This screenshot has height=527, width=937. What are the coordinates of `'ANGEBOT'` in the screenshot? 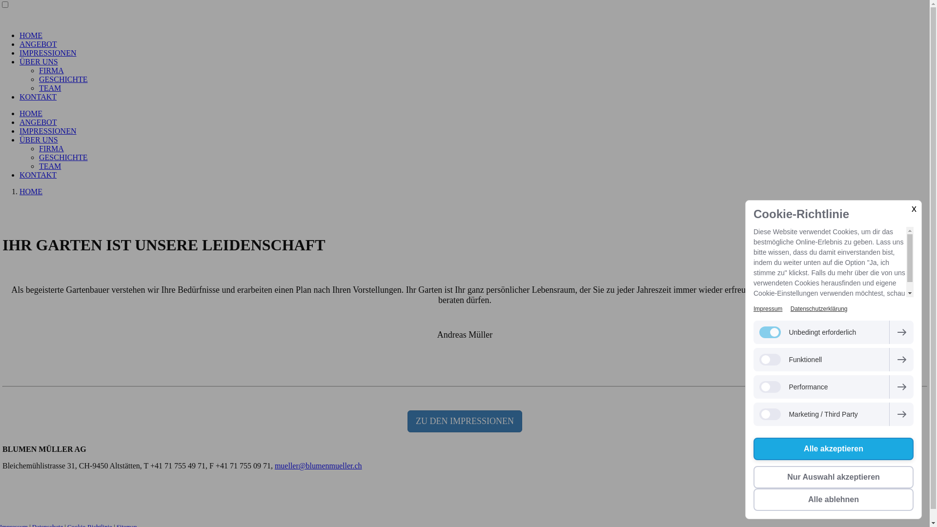 It's located at (38, 122).